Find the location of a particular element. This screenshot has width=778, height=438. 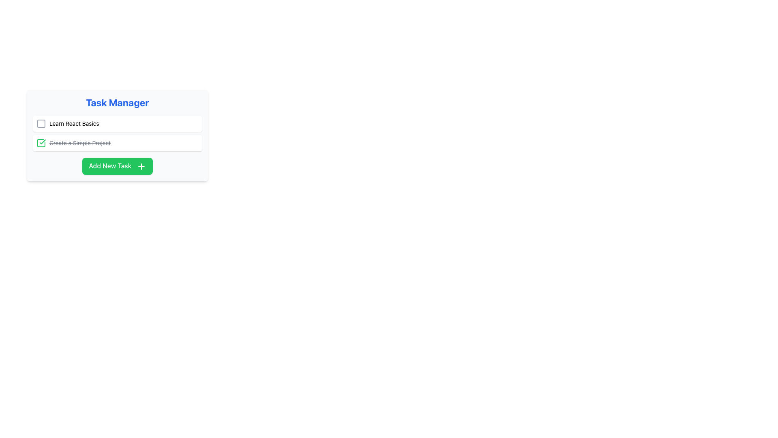

the checkbox indicator located to the left of the text 'Learn React Basics' in the task list interface is located at coordinates (41, 123).